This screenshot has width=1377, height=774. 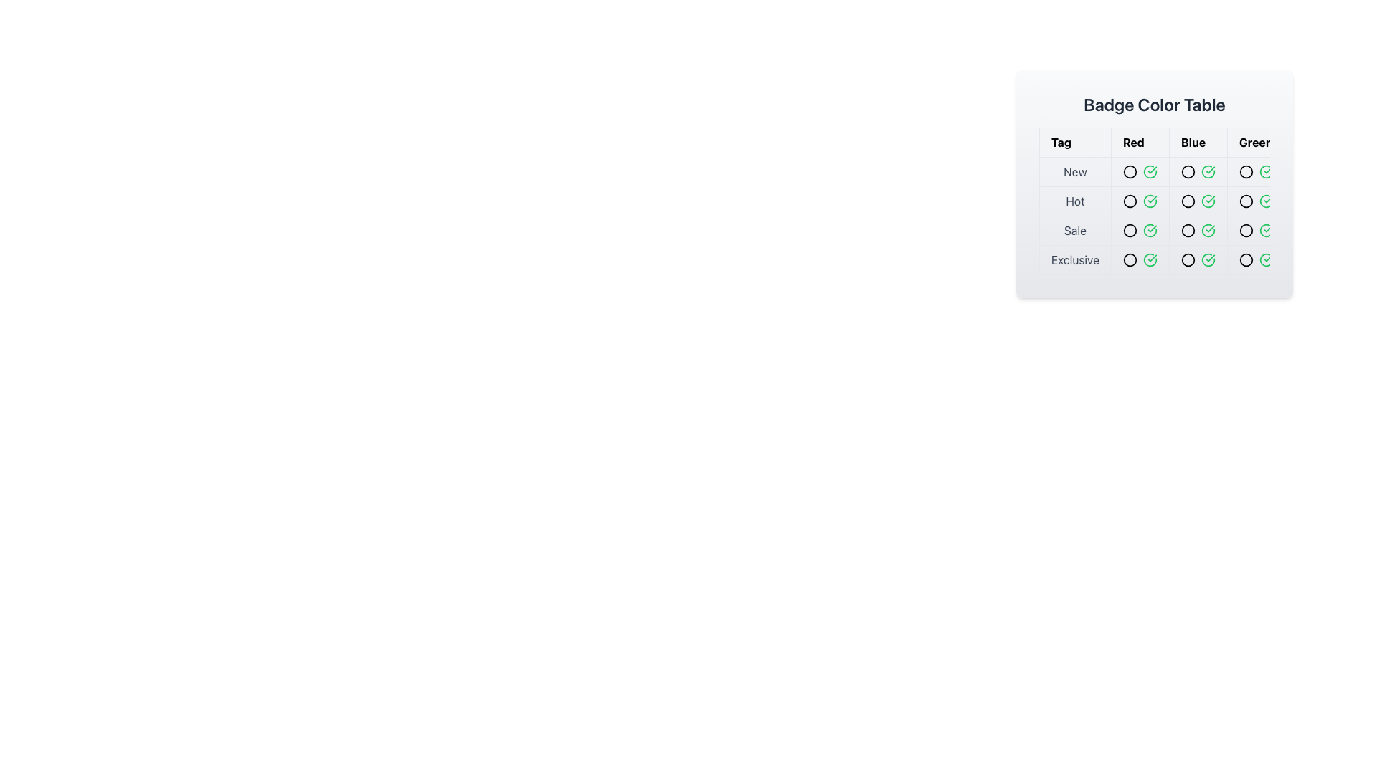 What do you see at coordinates (1075, 171) in the screenshot?
I see `the Text Label located in the top-left cell of the table under the 'Tag' column, which categorizes the corresponding table row` at bounding box center [1075, 171].